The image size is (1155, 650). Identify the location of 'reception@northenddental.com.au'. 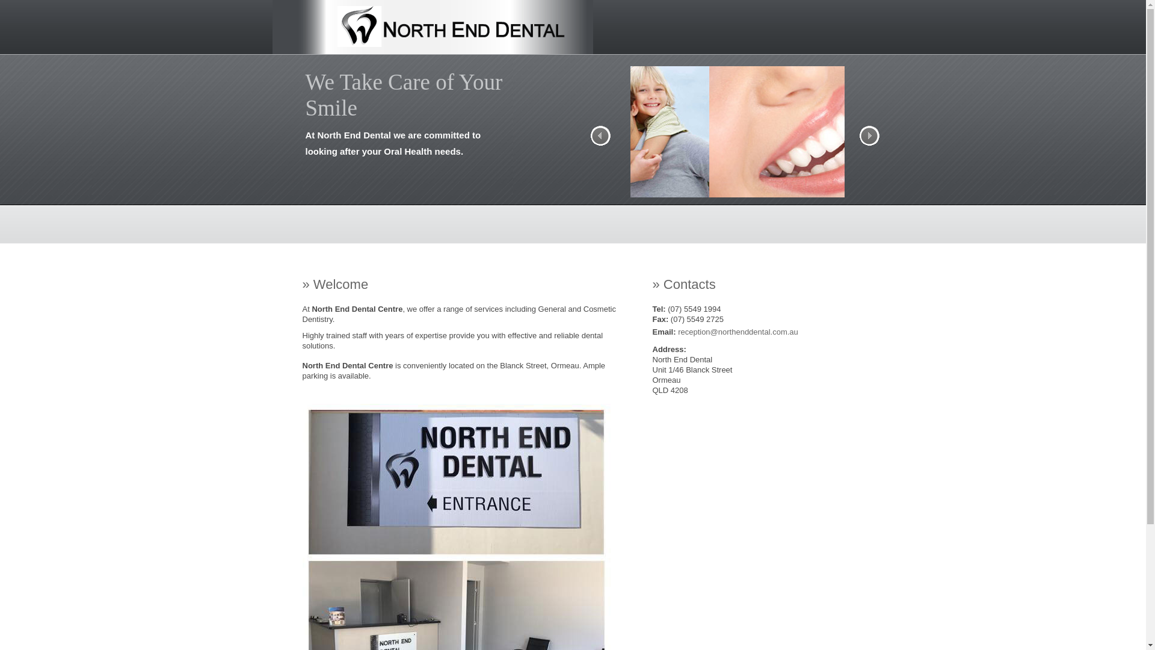
(738, 332).